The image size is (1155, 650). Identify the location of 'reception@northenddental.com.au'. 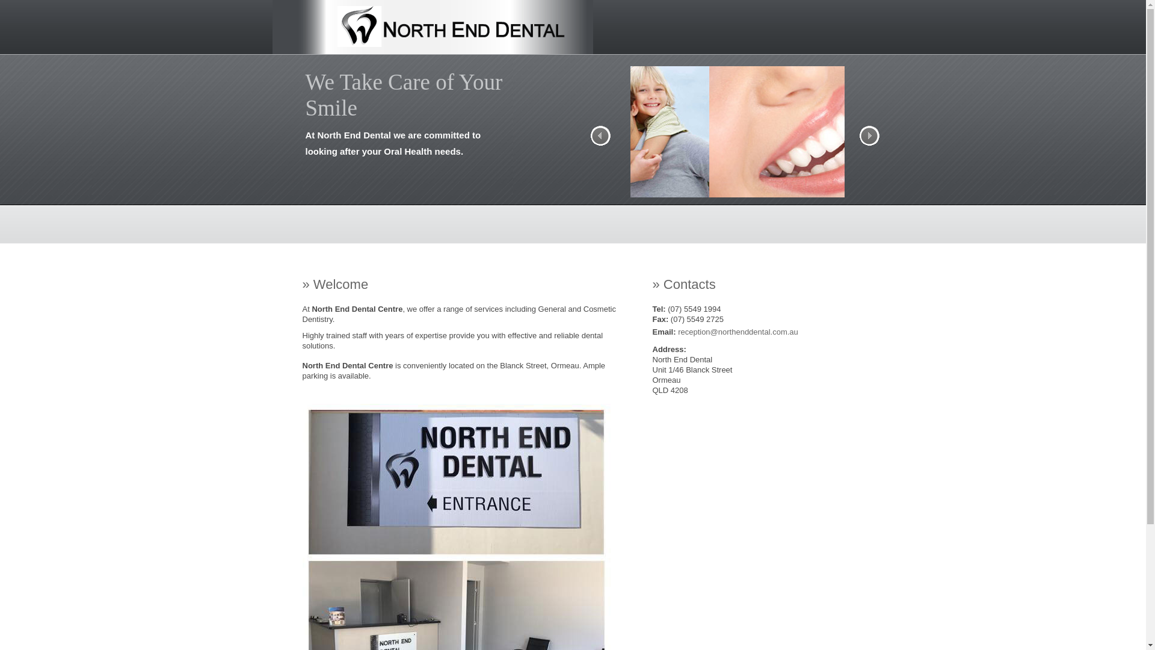
(738, 332).